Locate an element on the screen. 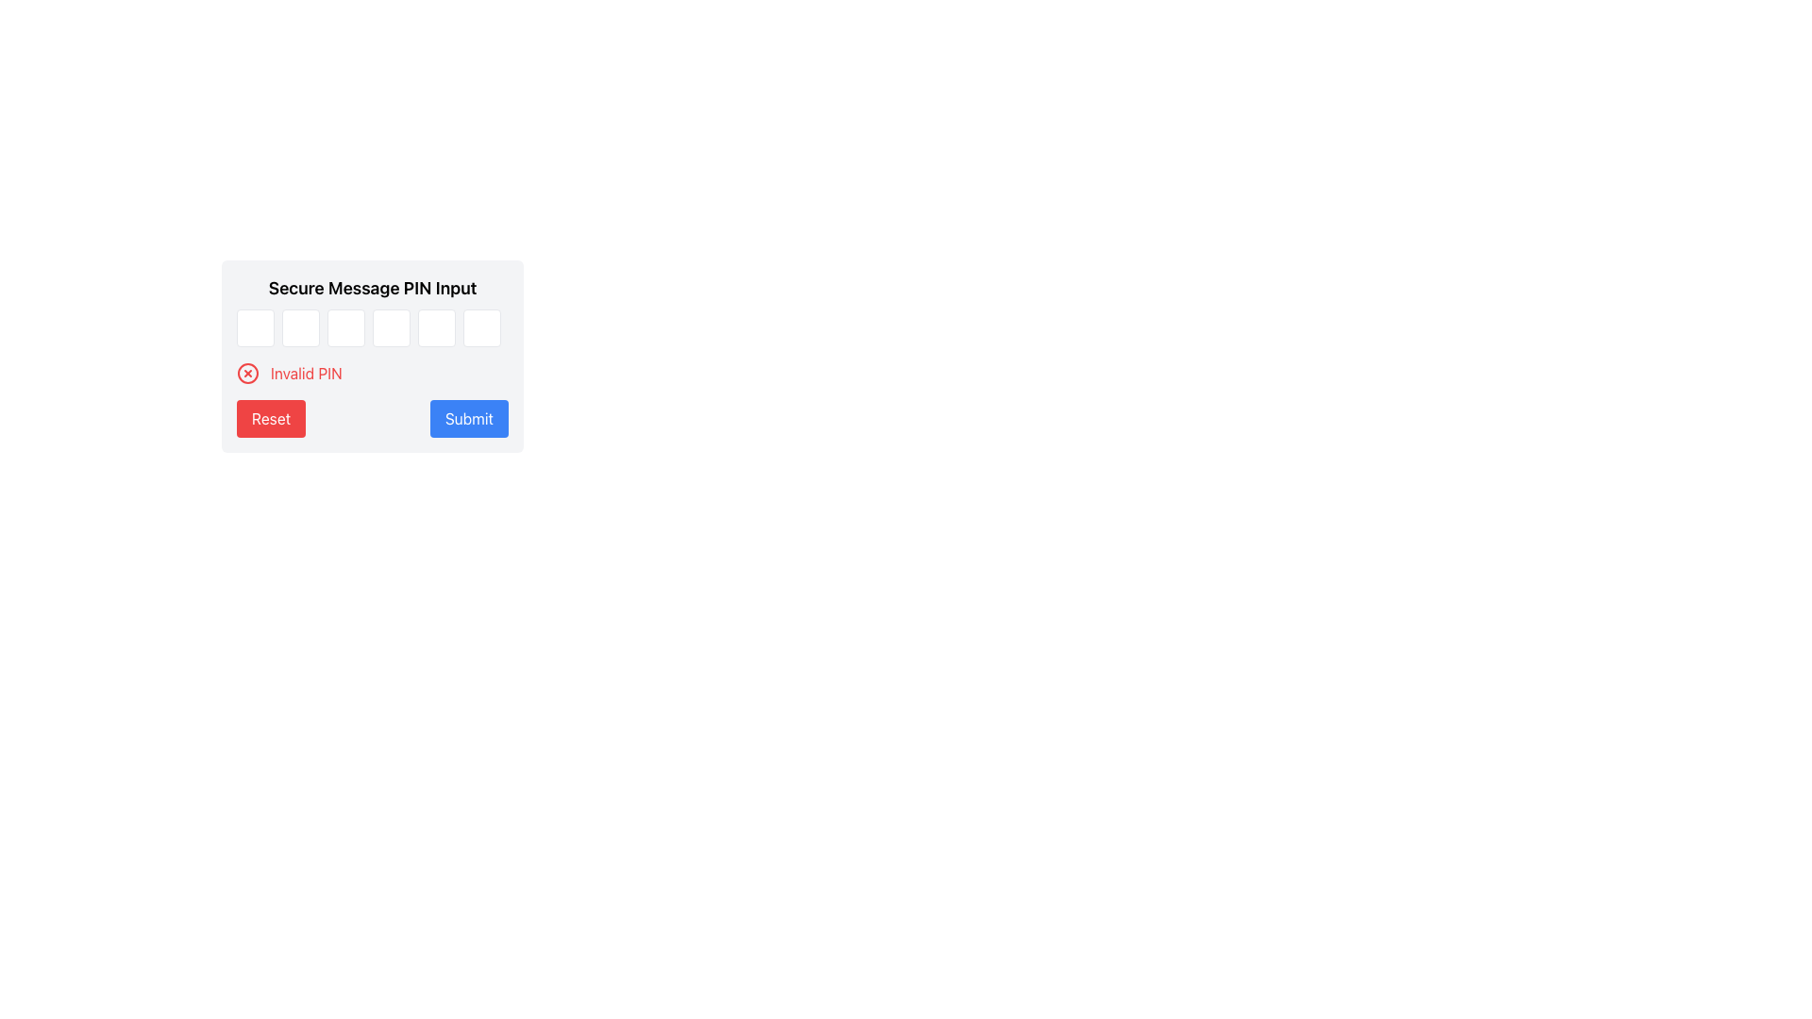  the 'Submit' button which is a rectangular button with rounded corners, styled with a blue background and white text, located at the bottom-right section of the interface is located at coordinates (469, 417).